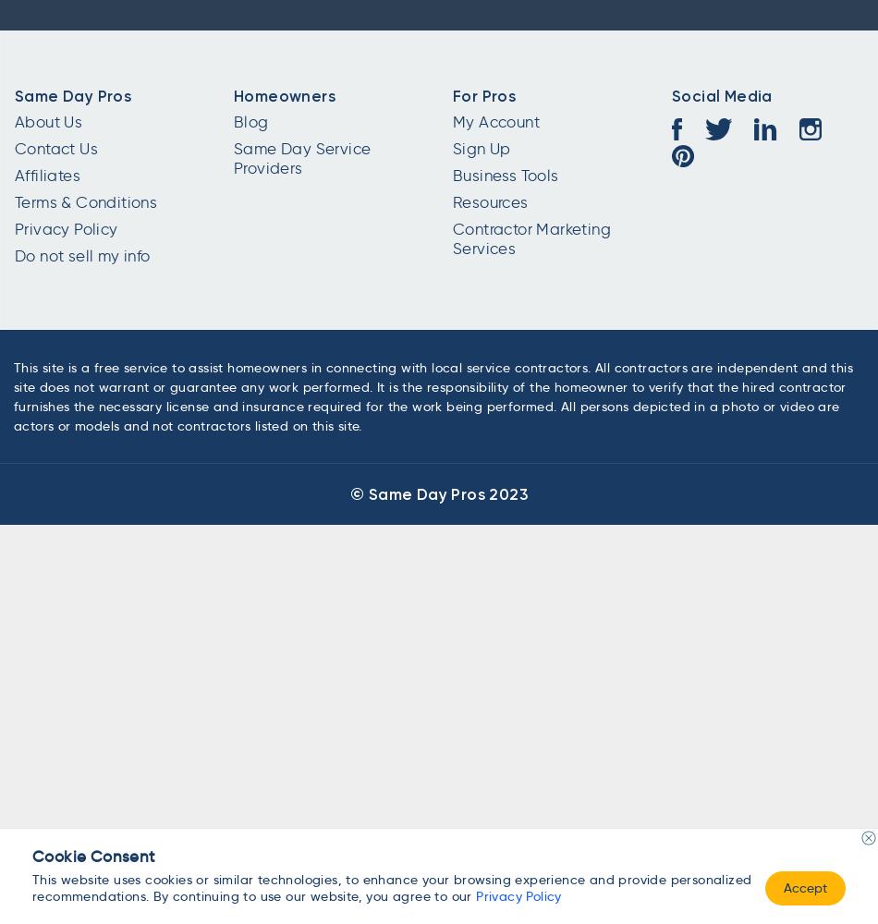 This screenshot has width=878, height=924. What do you see at coordinates (490, 201) in the screenshot?
I see `'Resources'` at bounding box center [490, 201].